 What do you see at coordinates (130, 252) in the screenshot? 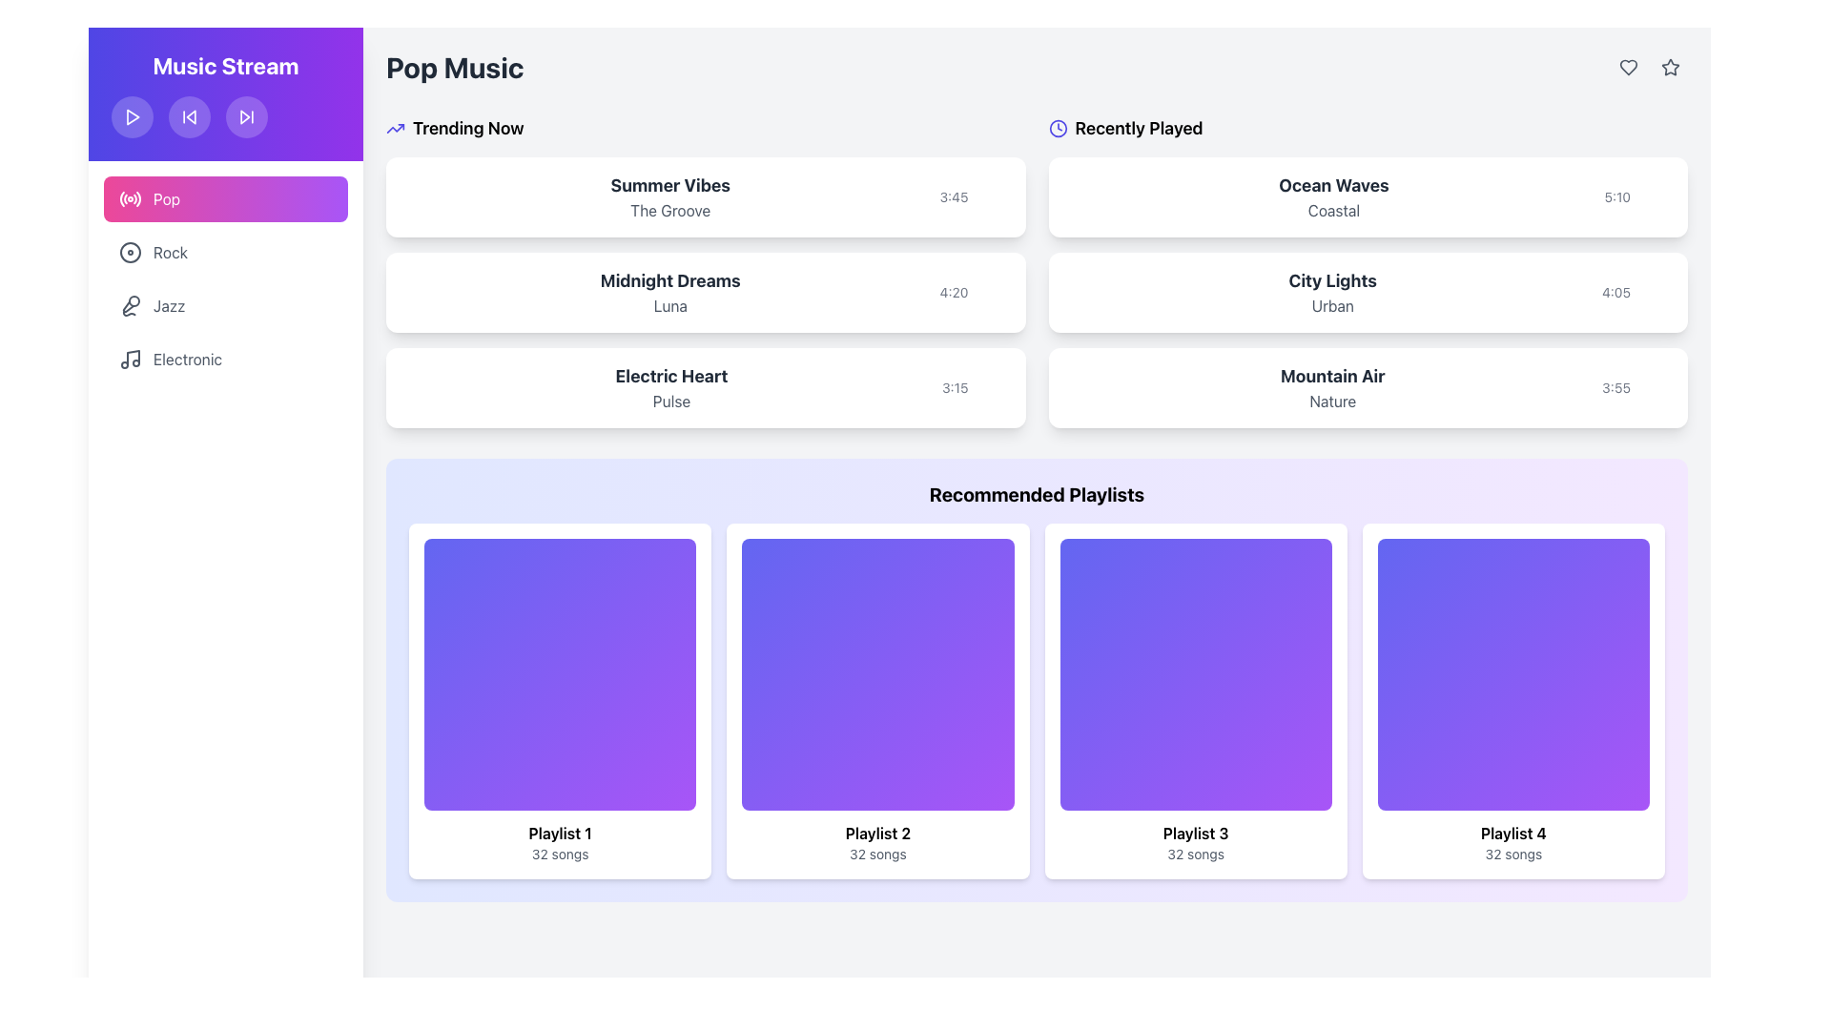
I see `the decorative SVG icon representing the 'Rock' category in the vertical navigation menu` at bounding box center [130, 252].